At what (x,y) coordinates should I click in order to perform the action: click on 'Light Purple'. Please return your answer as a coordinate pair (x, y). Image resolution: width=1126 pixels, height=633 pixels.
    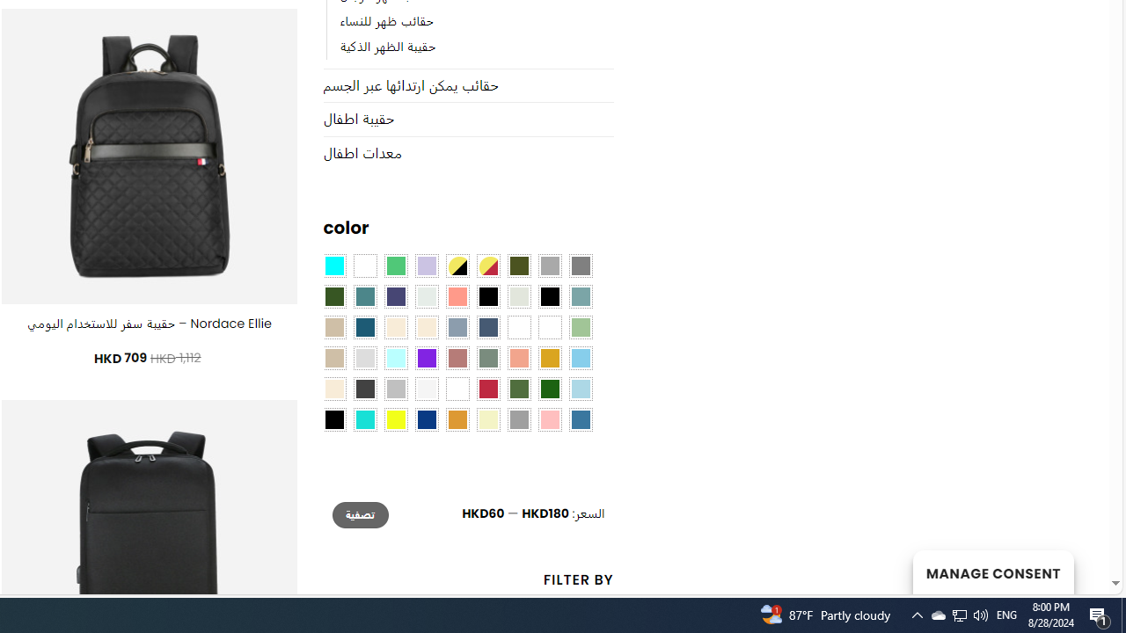
    Looking at the image, I should click on (427, 266).